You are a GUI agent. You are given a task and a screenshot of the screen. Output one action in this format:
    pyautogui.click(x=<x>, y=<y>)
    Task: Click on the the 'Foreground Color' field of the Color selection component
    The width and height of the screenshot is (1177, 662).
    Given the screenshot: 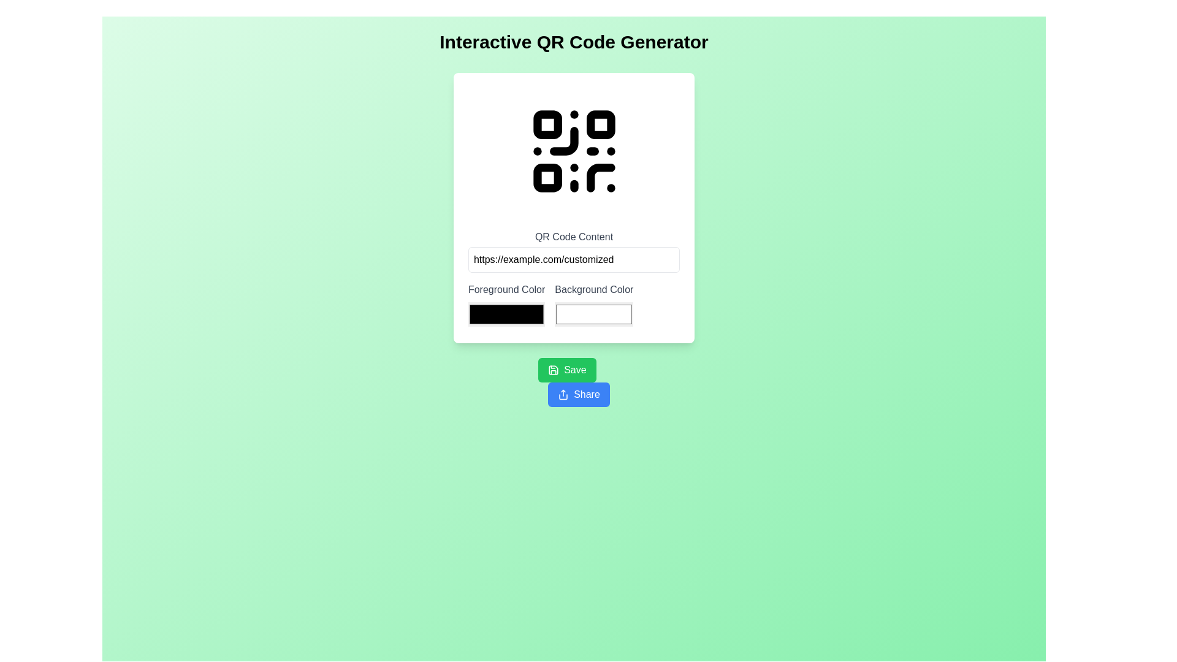 What is the action you would take?
    pyautogui.click(x=573, y=305)
    